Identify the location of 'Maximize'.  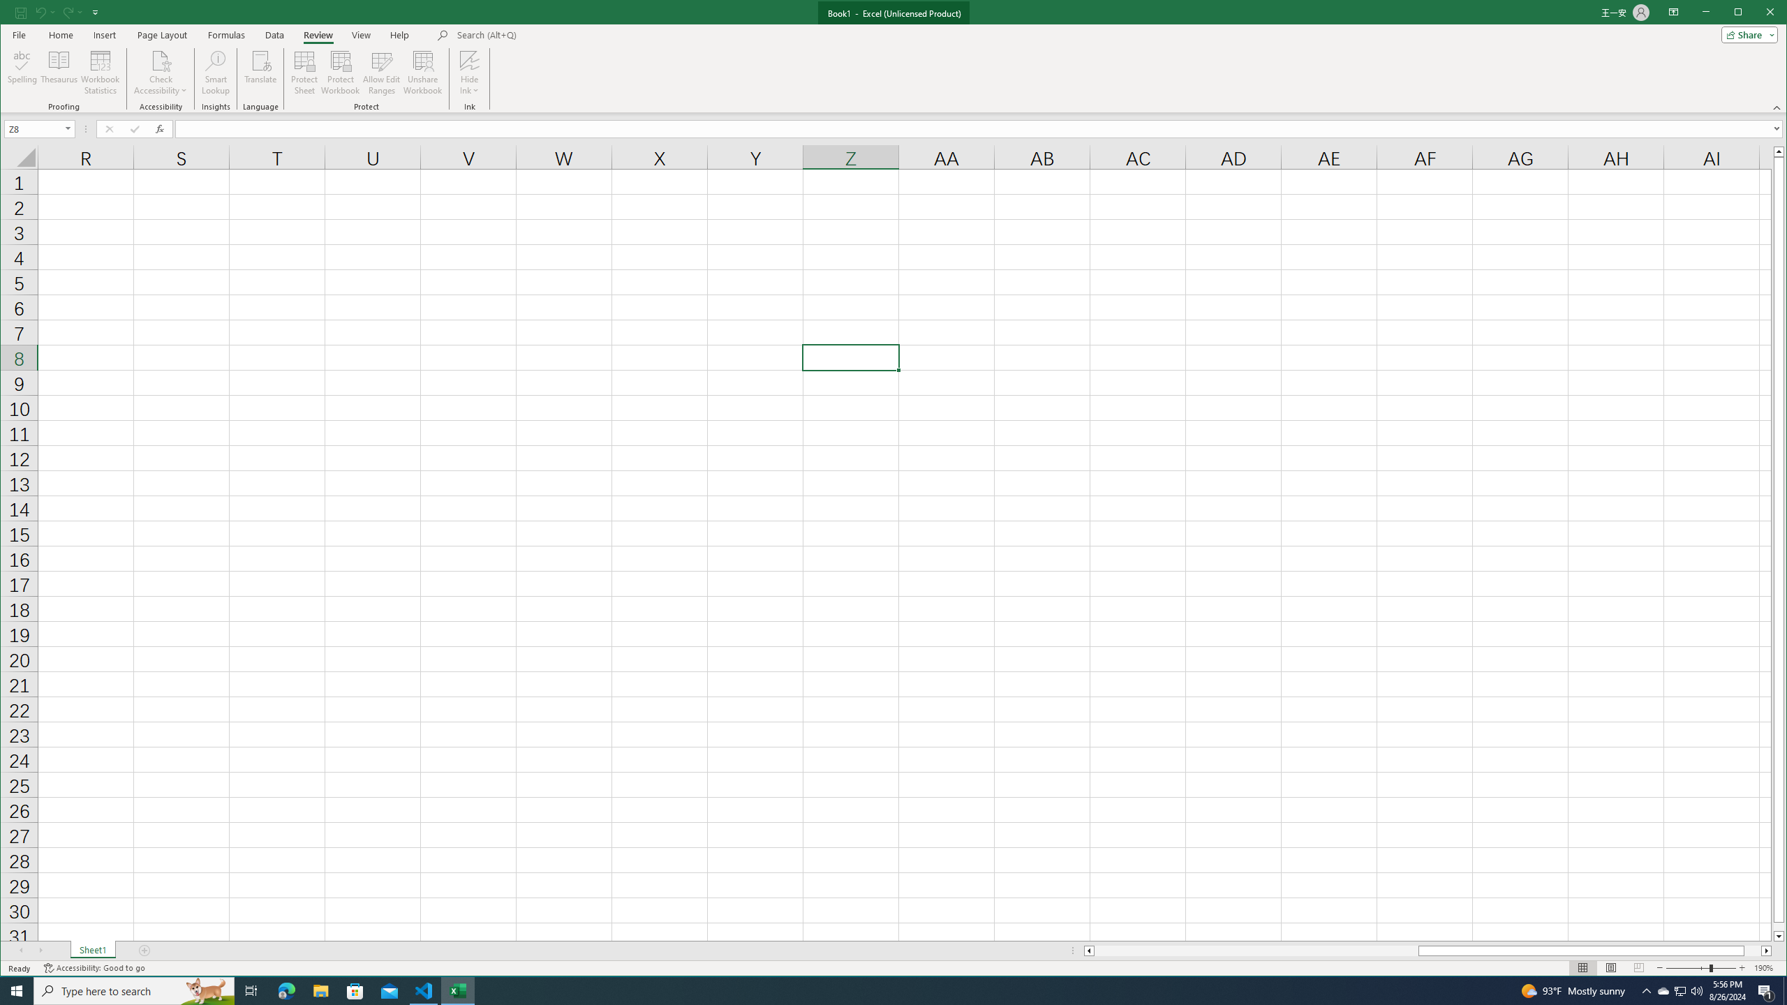
(1758, 13).